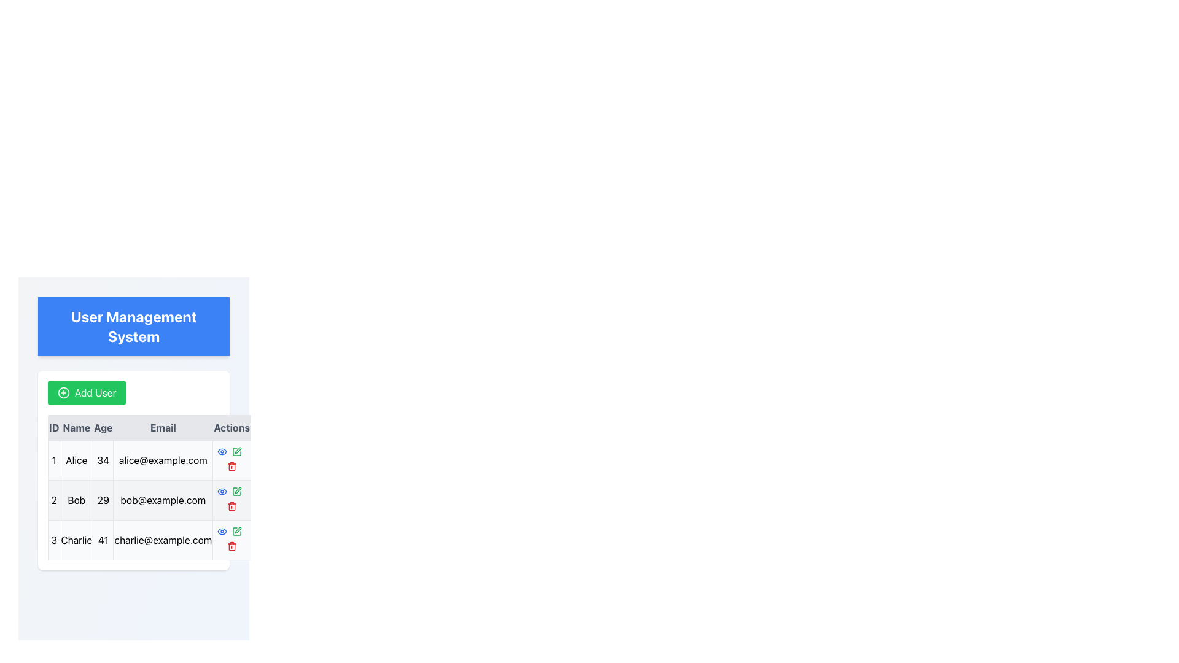 The width and height of the screenshot is (1179, 663). What do you see at coordinates (232, 506) in the screenshot?
I see `the red trash can icon in the third row of the user management table` at bounding box center [232, 506].